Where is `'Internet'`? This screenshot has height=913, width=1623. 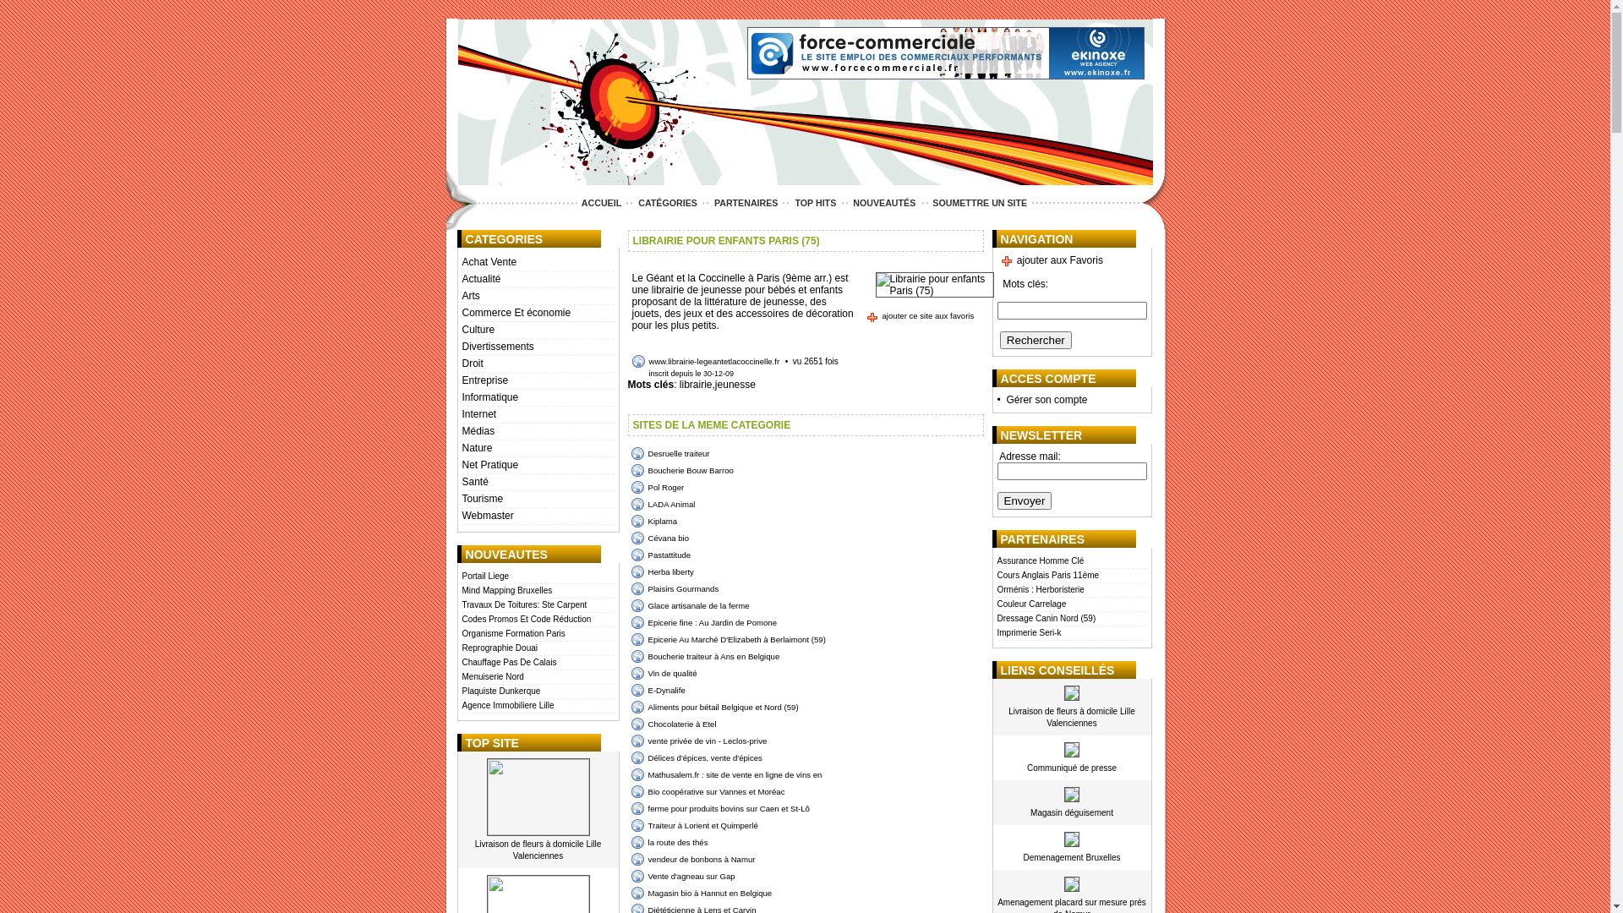 'Internet' is located at coordinates (536, 414).